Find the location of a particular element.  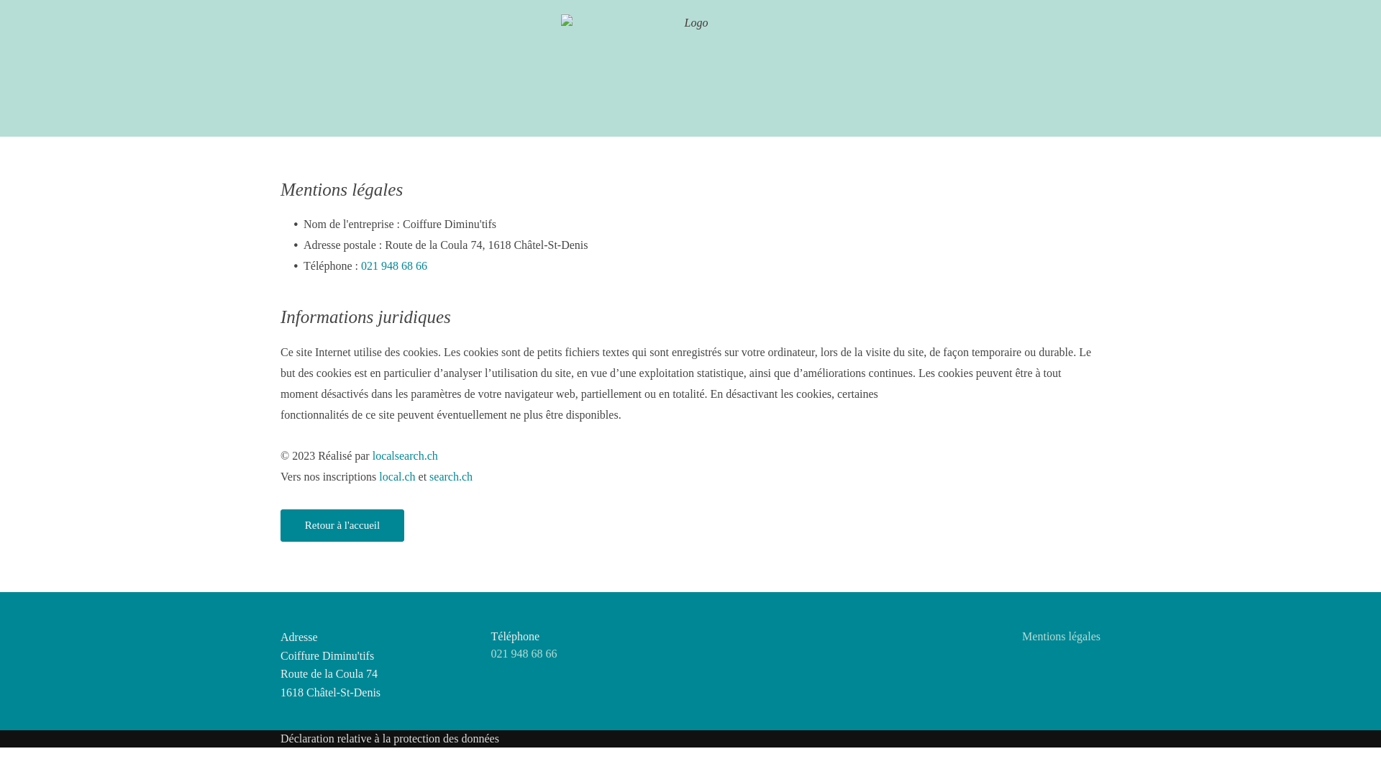

'search.ch' is located at coordinates (450, 476).